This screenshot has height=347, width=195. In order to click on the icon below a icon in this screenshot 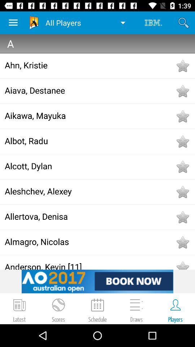, I will do `click(90, 65)`.